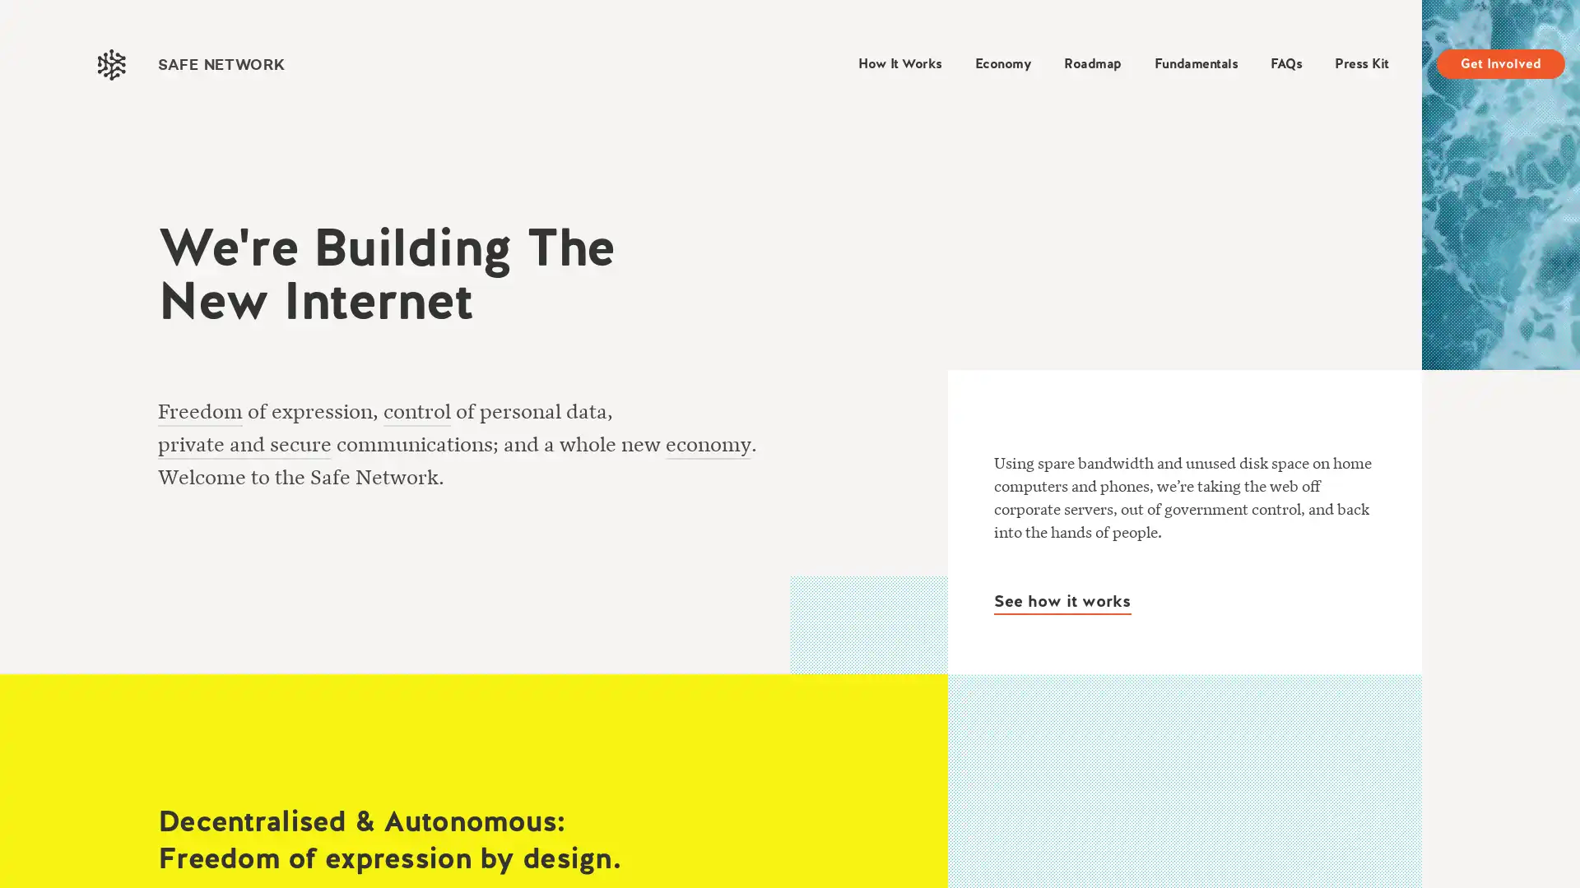 The height and width of the screenshot is (888, 1580). Describe the element at coordinates (1501, 62) in the screenshot. I see `Get Involved` at that location.